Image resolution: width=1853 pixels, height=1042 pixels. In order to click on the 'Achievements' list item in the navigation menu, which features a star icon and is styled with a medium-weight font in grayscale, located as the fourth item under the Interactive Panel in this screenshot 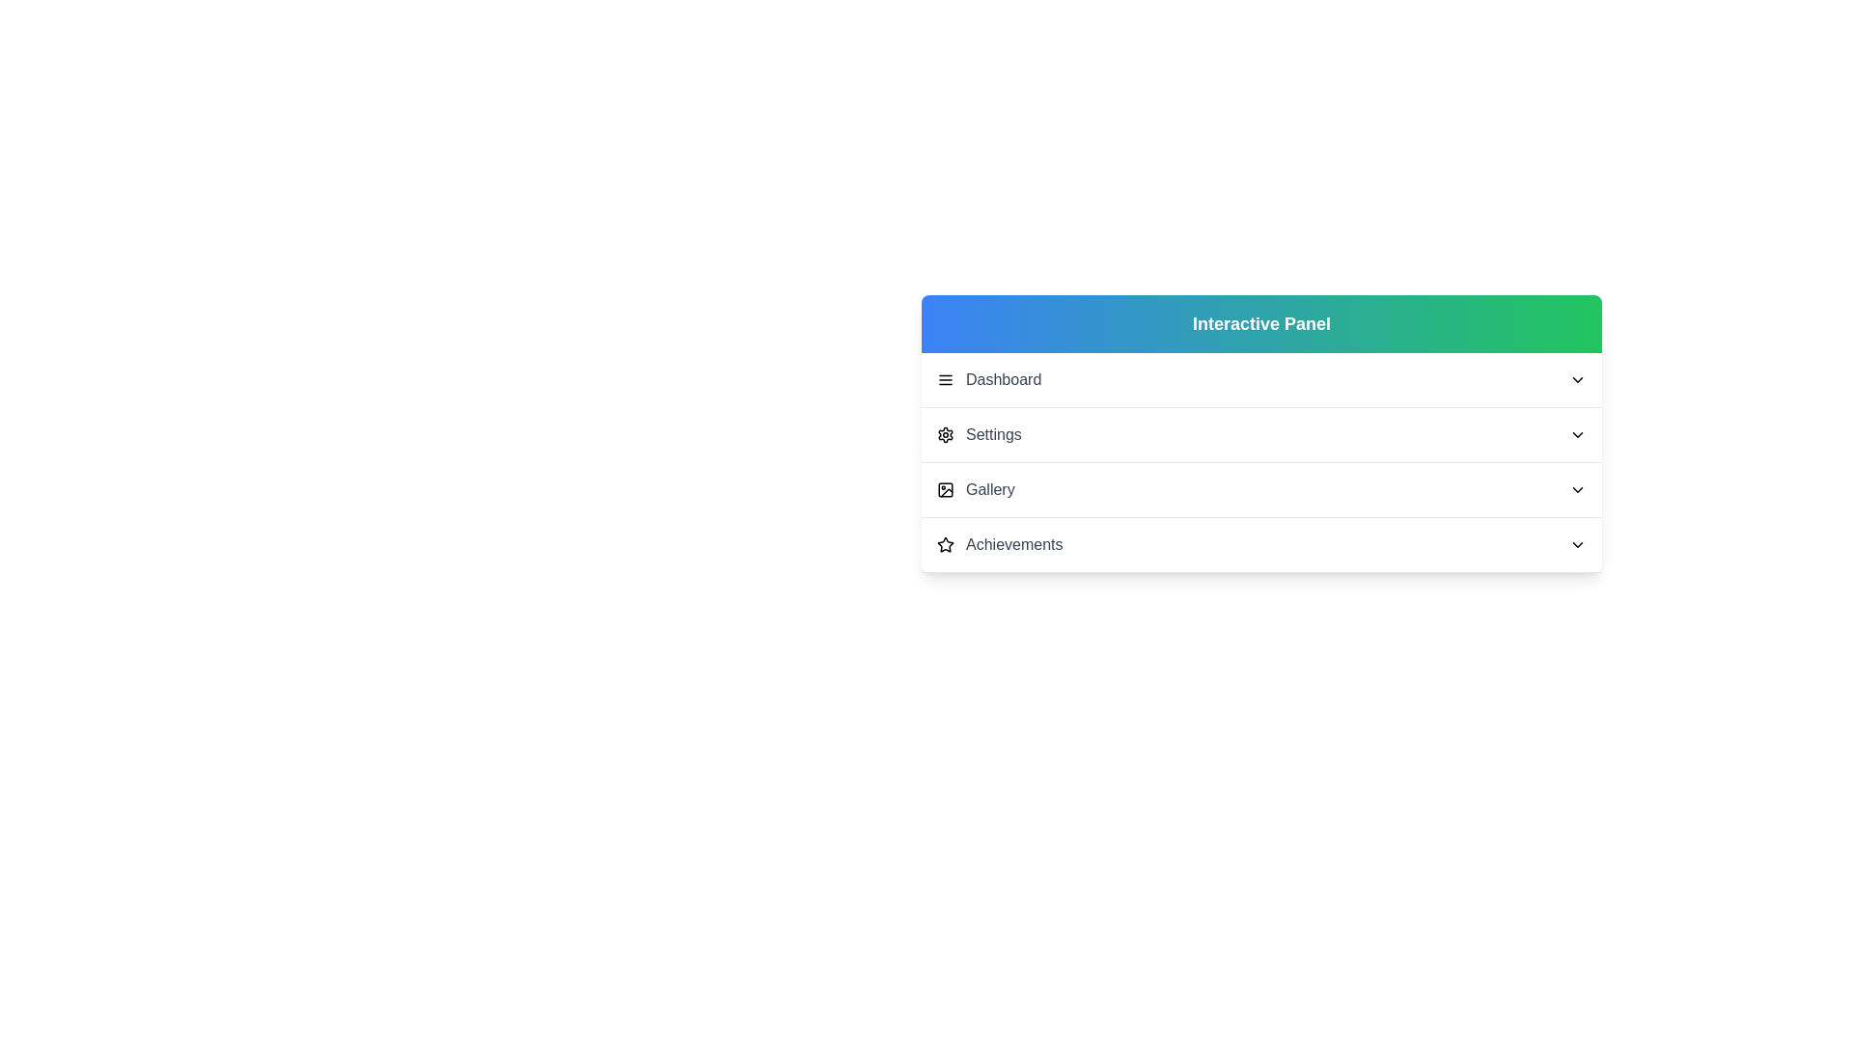, I will do `click(1000, 544)`.